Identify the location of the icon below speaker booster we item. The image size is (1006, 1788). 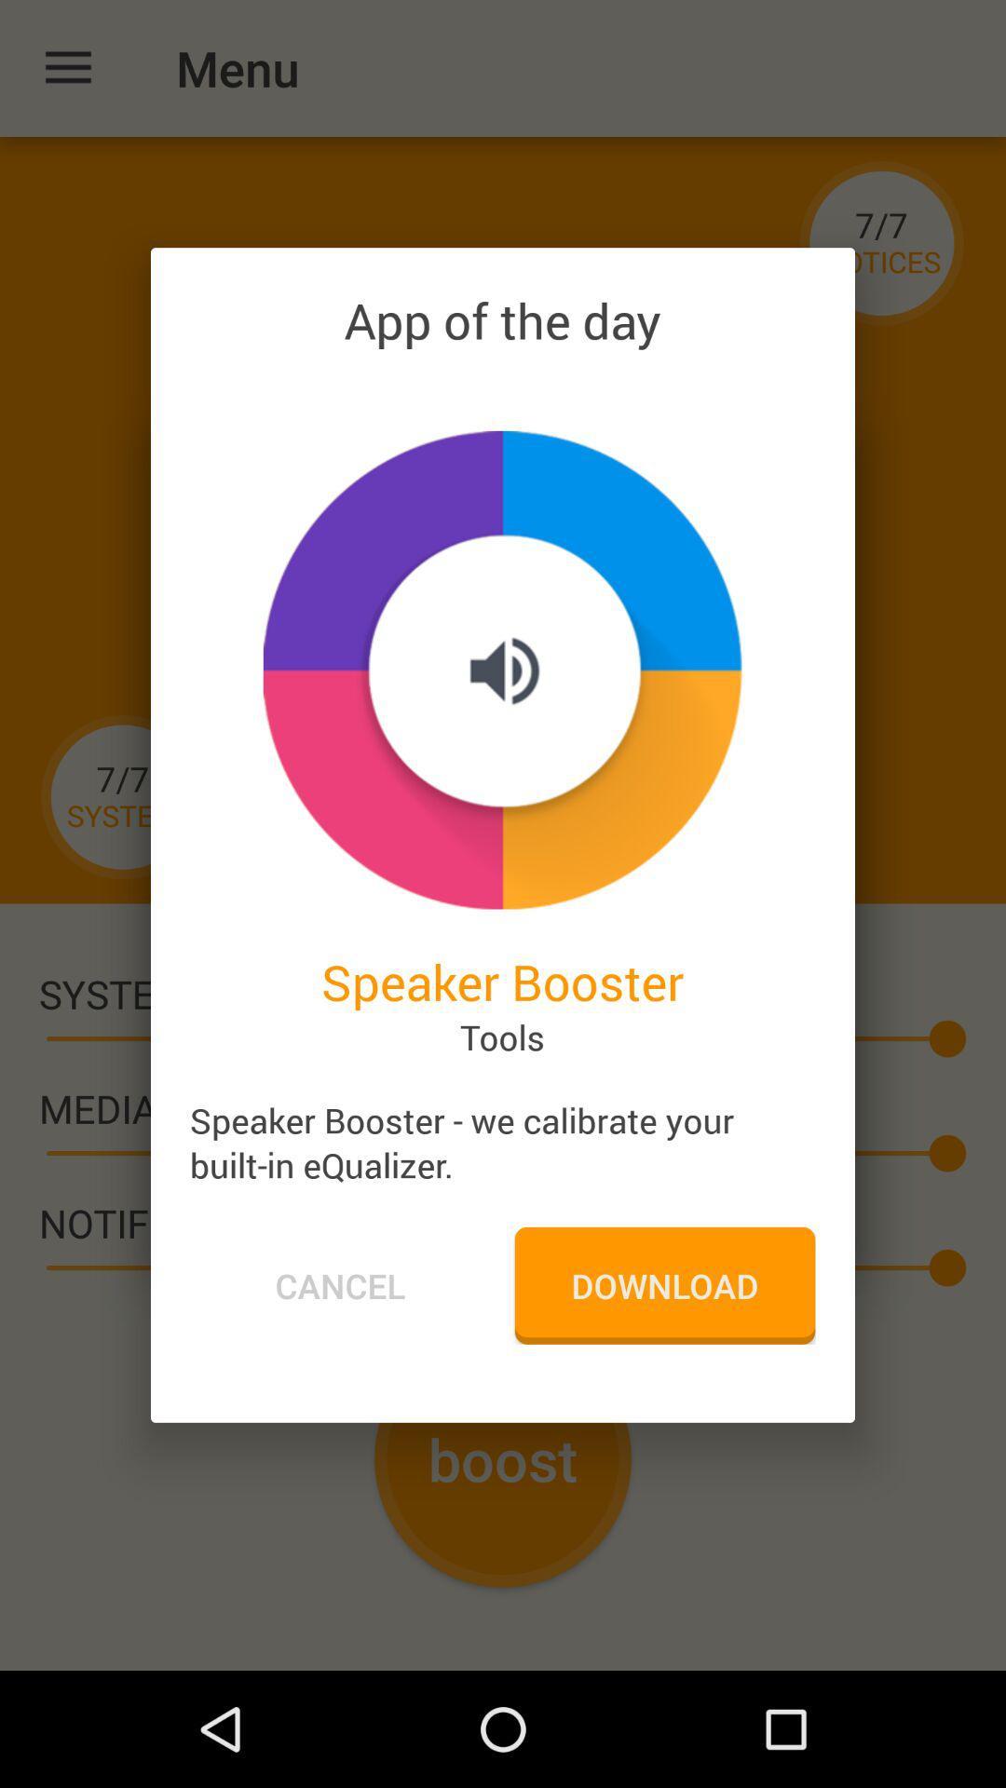
(663, 1284).